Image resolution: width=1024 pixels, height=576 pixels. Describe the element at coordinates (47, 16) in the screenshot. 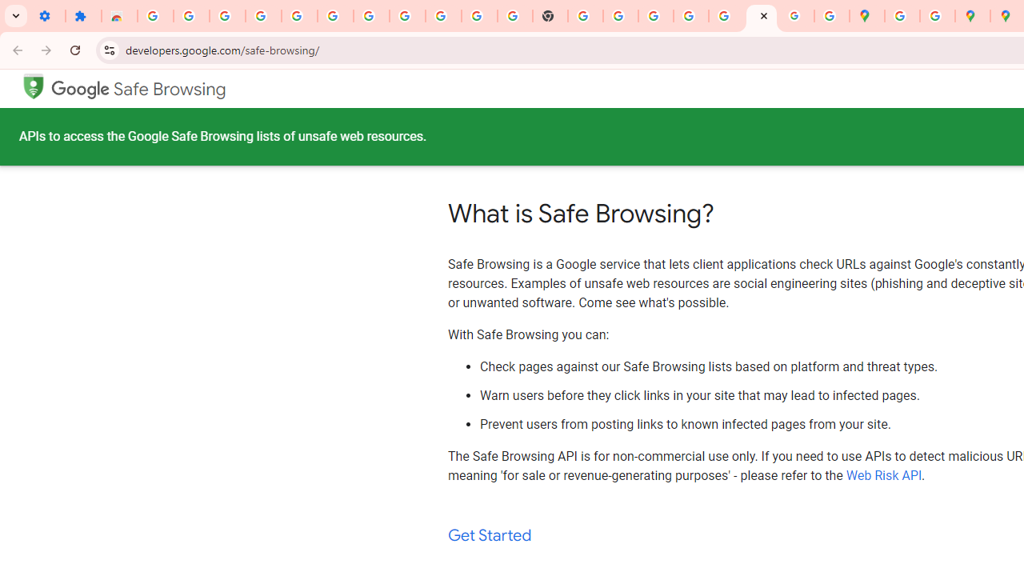

I see `'Settings - On startup'` at that location.